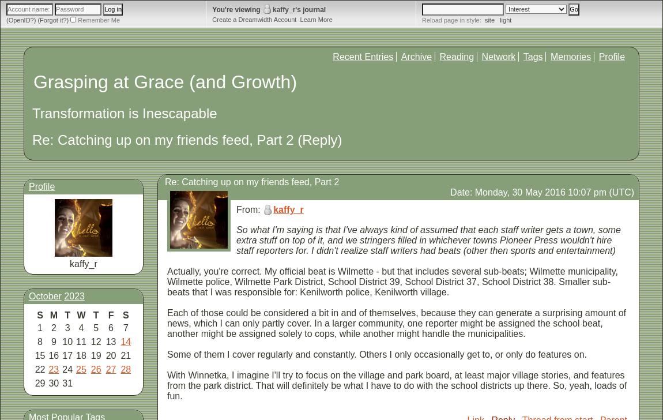 The height and width of the screenshot is (420, 663). Describe the element at coordinates (95, 369) in the screenshot. I see `'26'` at that location.